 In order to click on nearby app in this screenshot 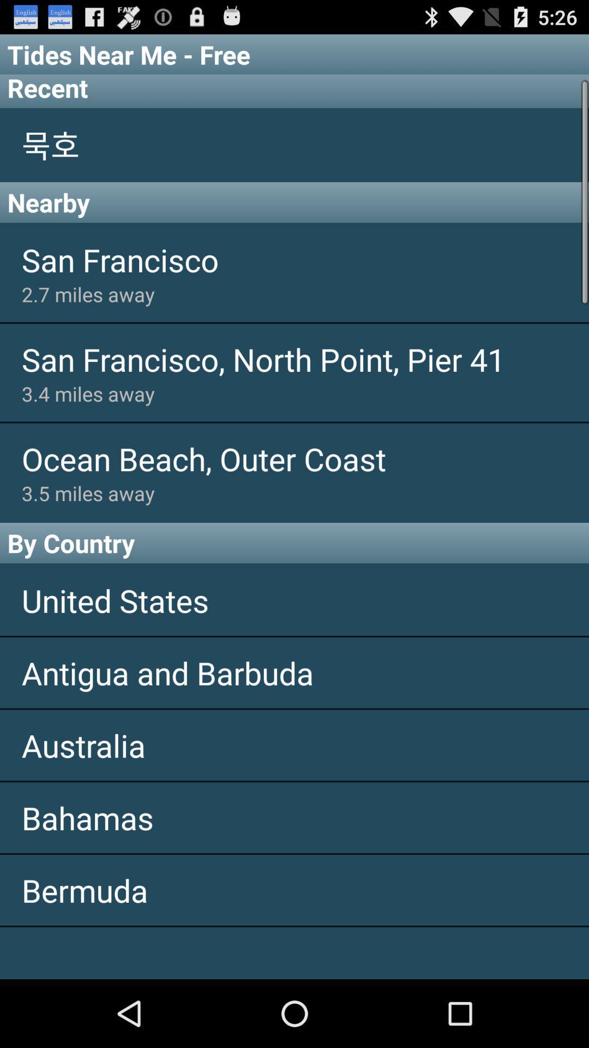, I will do `click(294, 202)`.